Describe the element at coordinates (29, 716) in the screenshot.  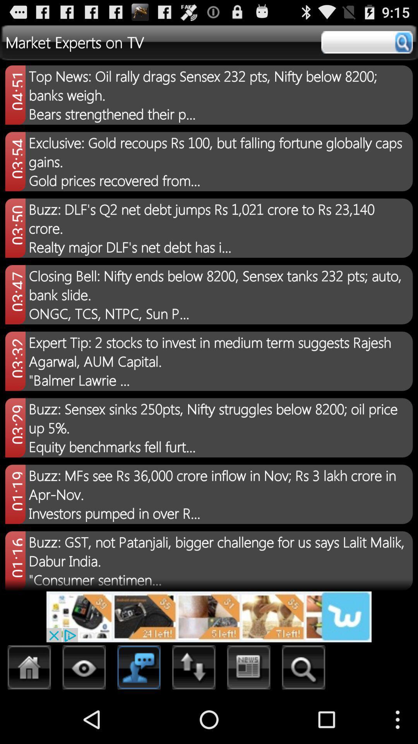
I see `the home icon` at that location.